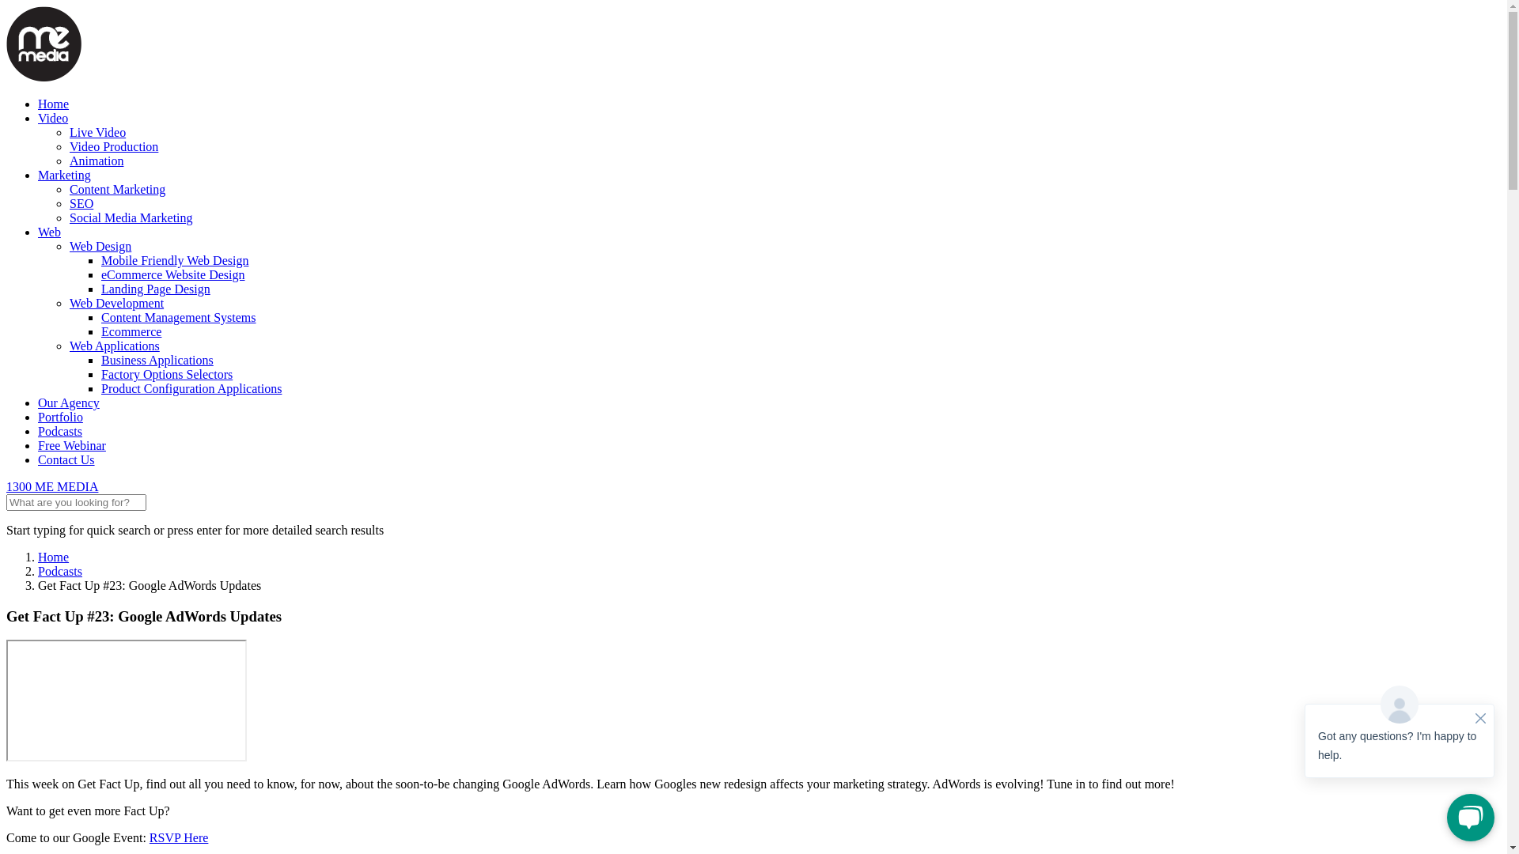 The width and height of the screenshot is (1519, 854). I want to click on 'Web Development', so click(116, 303).